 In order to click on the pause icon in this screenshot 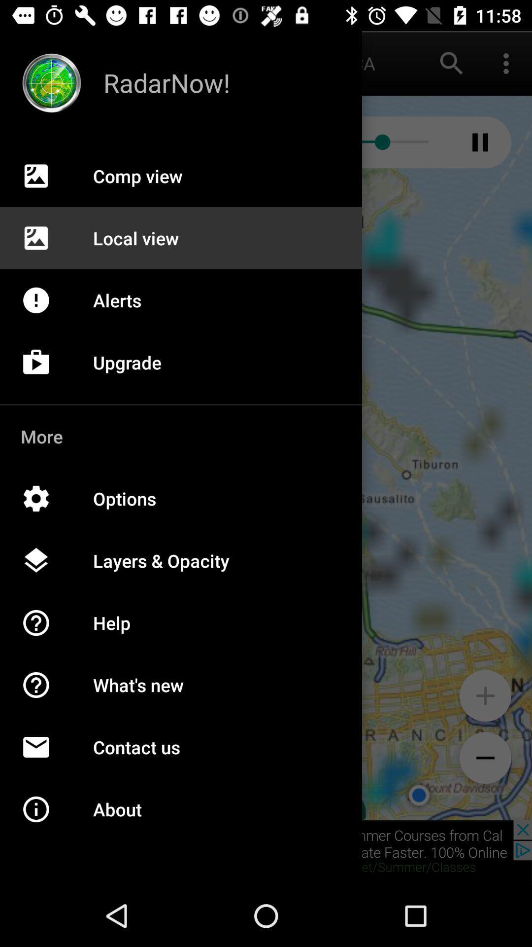, I will do `click(480, 142)`.